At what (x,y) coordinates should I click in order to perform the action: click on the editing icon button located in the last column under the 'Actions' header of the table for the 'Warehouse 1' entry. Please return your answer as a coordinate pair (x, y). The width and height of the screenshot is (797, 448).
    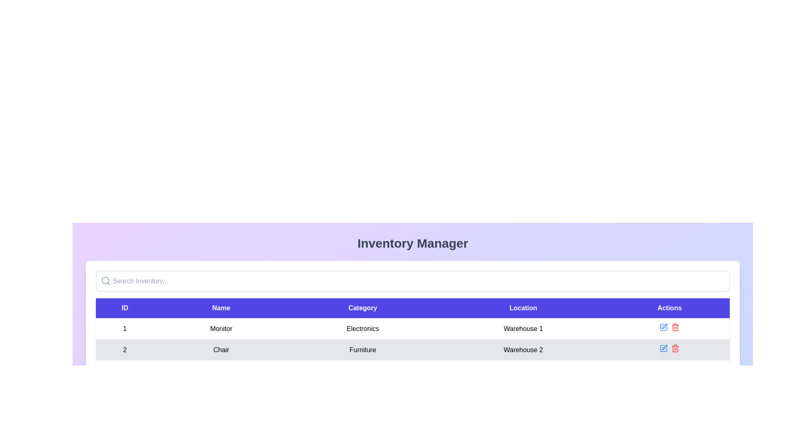
    Looking at the image, I should click on (663, 327).